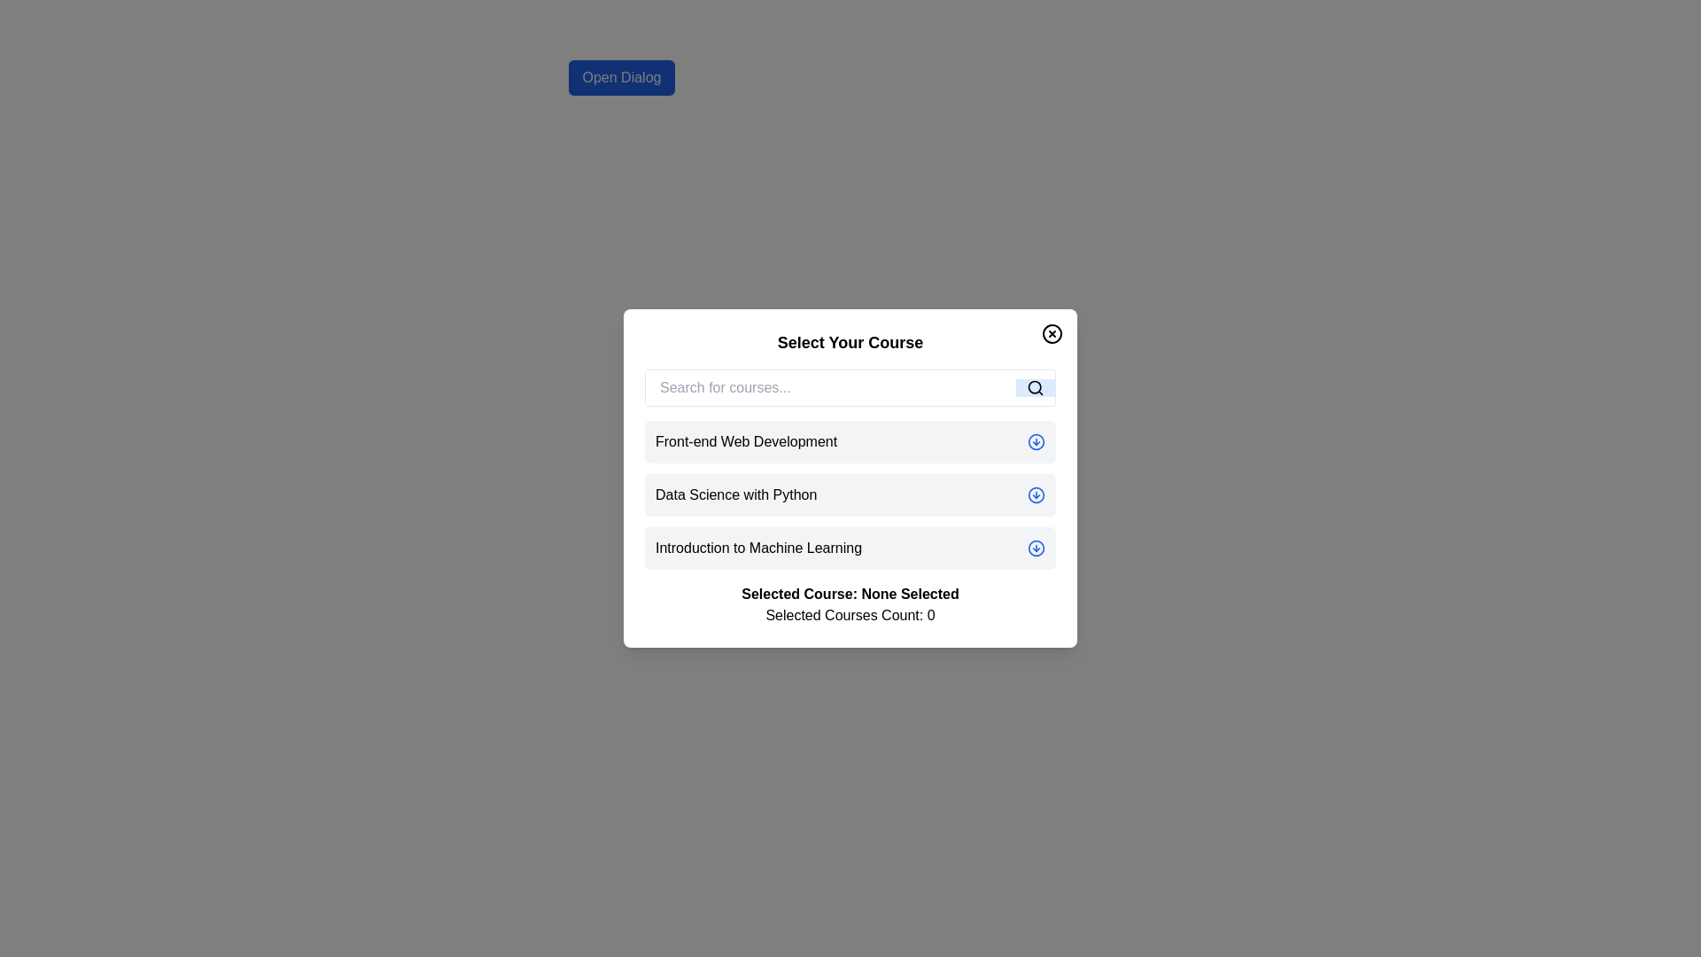  I want to click on text label displaying 'Selected Course: None Selected' and 'Selected Courses Count: 0' located at the bottom of the 'Select Your Course' modal, so click(850, 603).